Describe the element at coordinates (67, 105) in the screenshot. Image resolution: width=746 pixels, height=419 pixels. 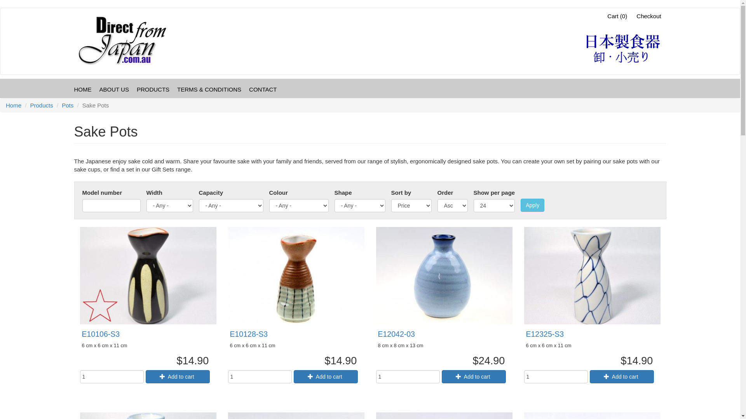
I see `'Pots'` at that location.